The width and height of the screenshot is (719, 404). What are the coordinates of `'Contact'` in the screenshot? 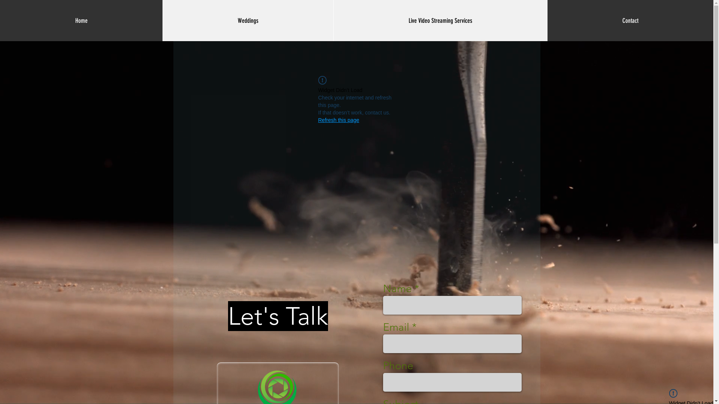 It's located at (630, 20).